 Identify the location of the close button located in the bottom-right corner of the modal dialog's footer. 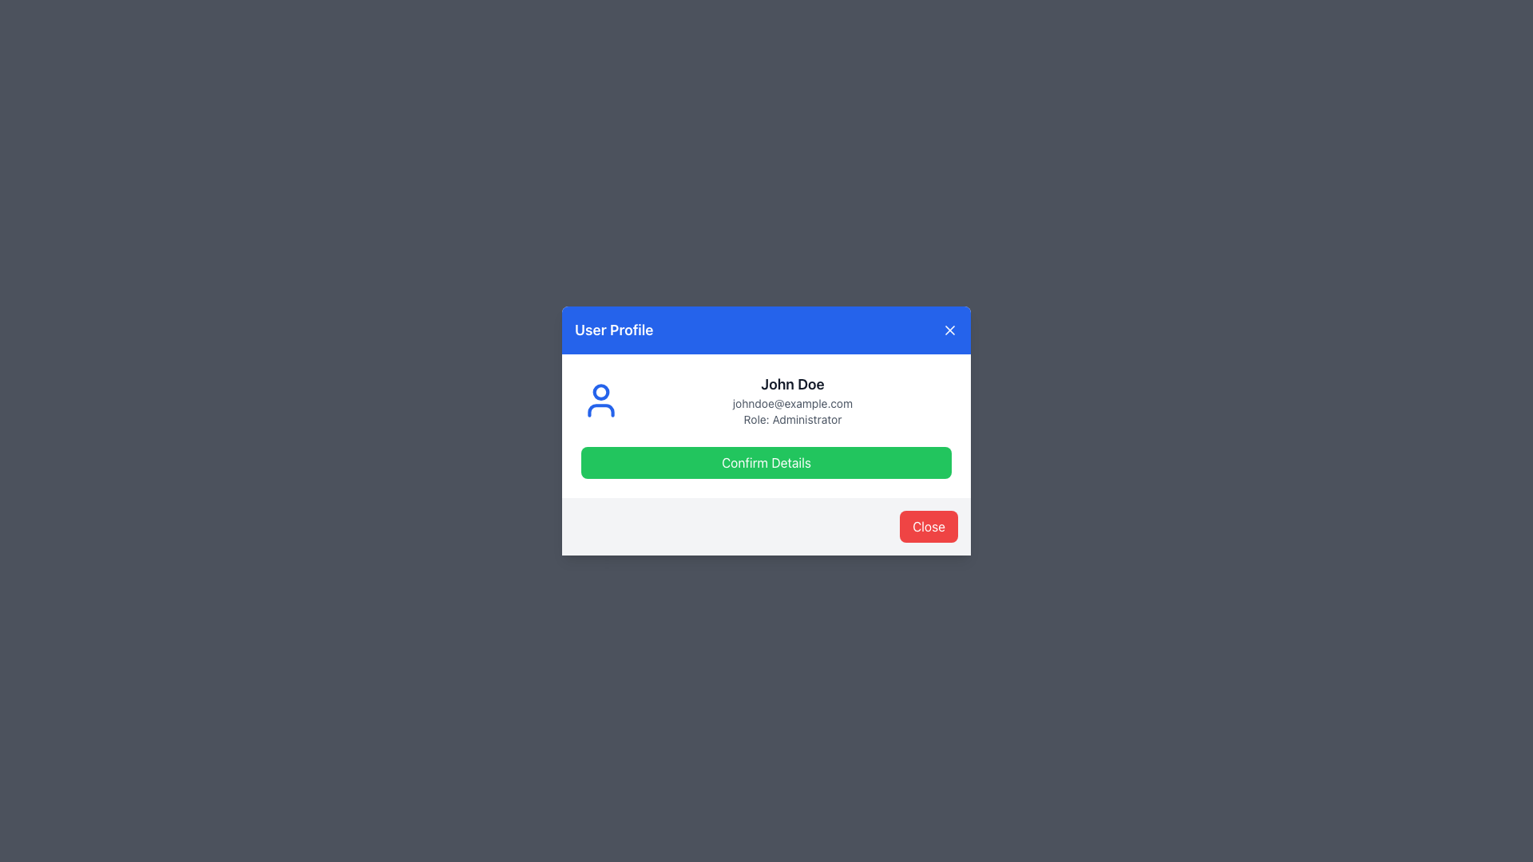
(929, 526).